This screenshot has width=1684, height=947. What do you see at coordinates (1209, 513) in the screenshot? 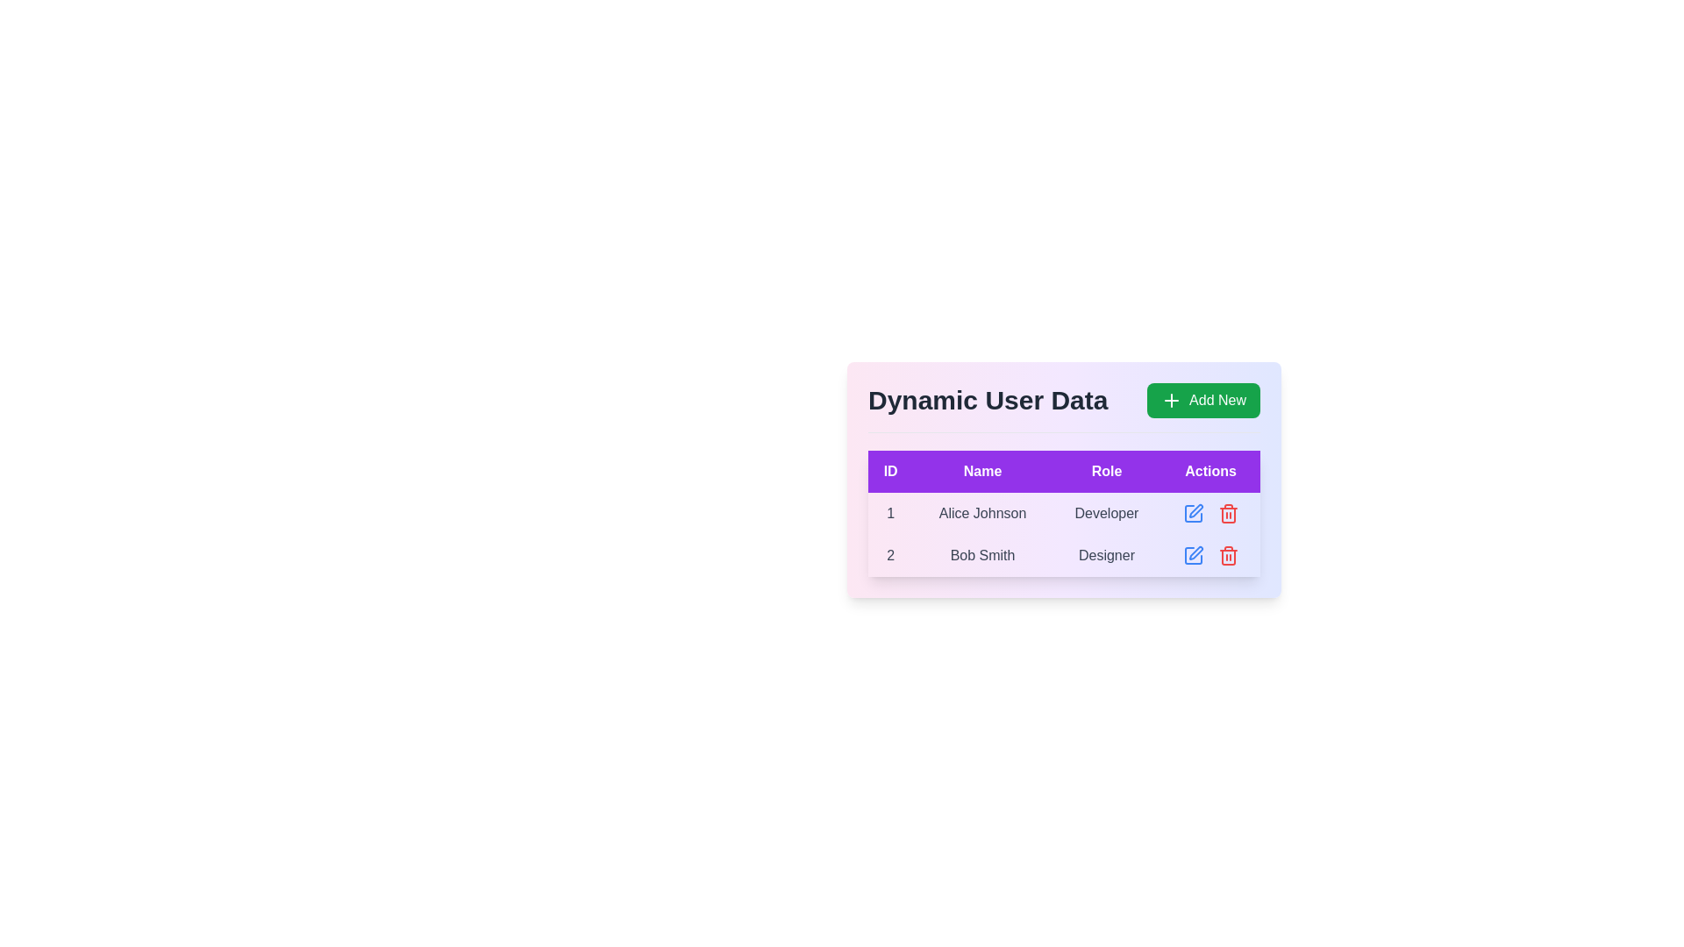
I see `the decorative separator element located between the edit icon and the delete icon in the 'Actions' column of the first row in the table` at bounding box center [1209, 513].